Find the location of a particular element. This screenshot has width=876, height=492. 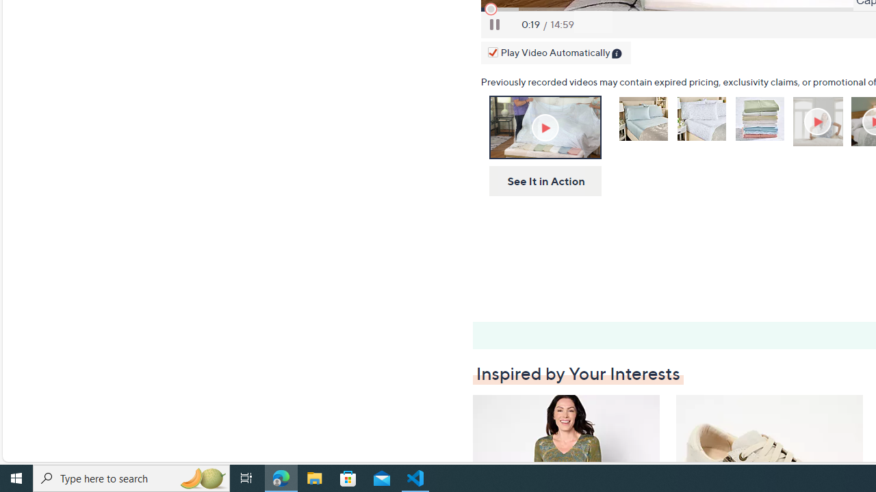

'Class: infoIcon' is located at coordinates (617, 54).